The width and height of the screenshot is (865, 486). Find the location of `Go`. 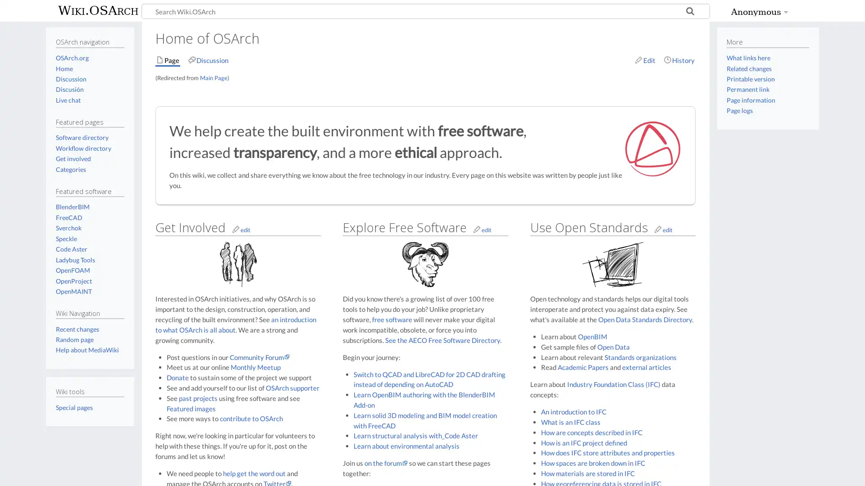

Go is located at coordinates (689, 12).